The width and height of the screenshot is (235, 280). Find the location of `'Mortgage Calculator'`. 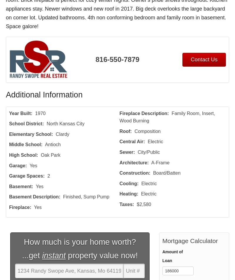

'Mortgage Calculator' is located at coordinates (189, 240).